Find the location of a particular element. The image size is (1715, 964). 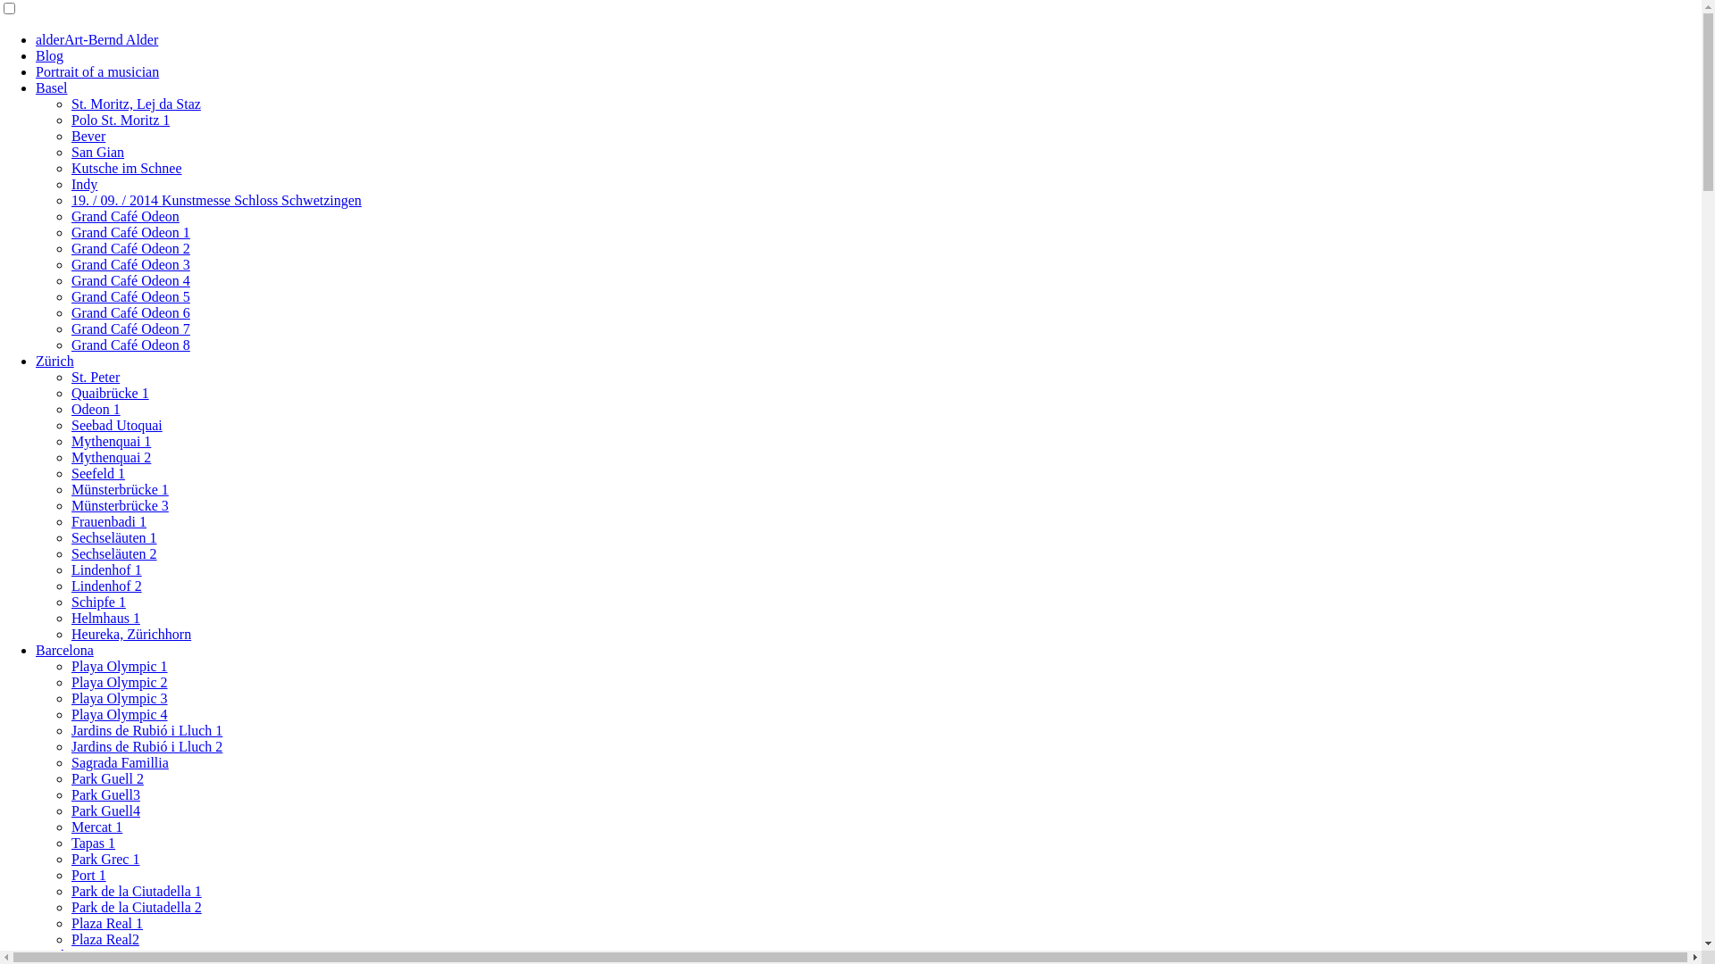

'Blog' is located at coordinates (49, 54).